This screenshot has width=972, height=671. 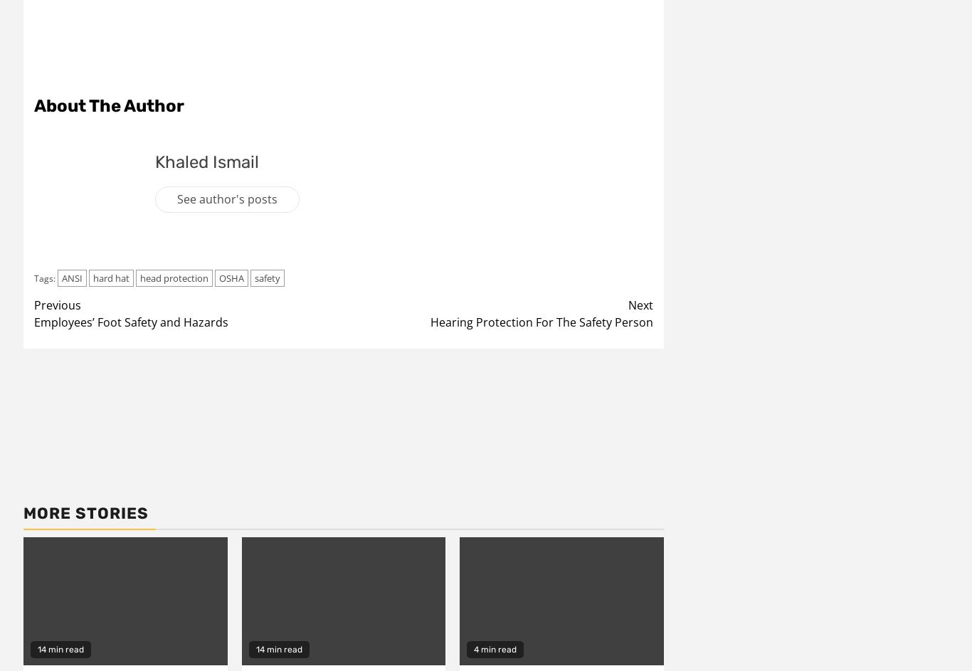 I want to click on 'About The Author', so click(x=33, y=105).